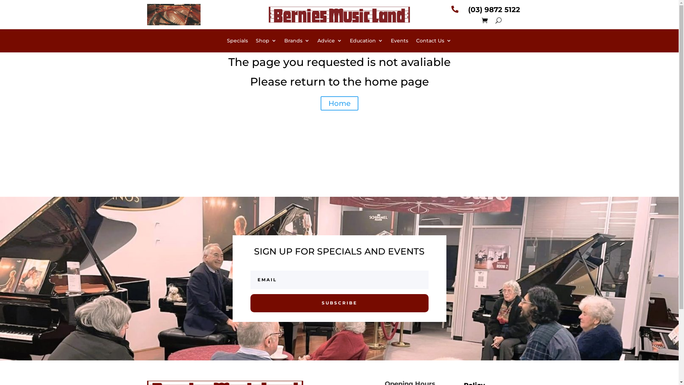  Describe the element at coordinates (433, 42) in the screenshot. I see `'Contact Us'` at that location.